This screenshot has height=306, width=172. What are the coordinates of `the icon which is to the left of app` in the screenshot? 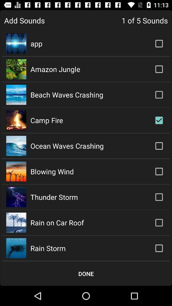 It's located at (16, 43).